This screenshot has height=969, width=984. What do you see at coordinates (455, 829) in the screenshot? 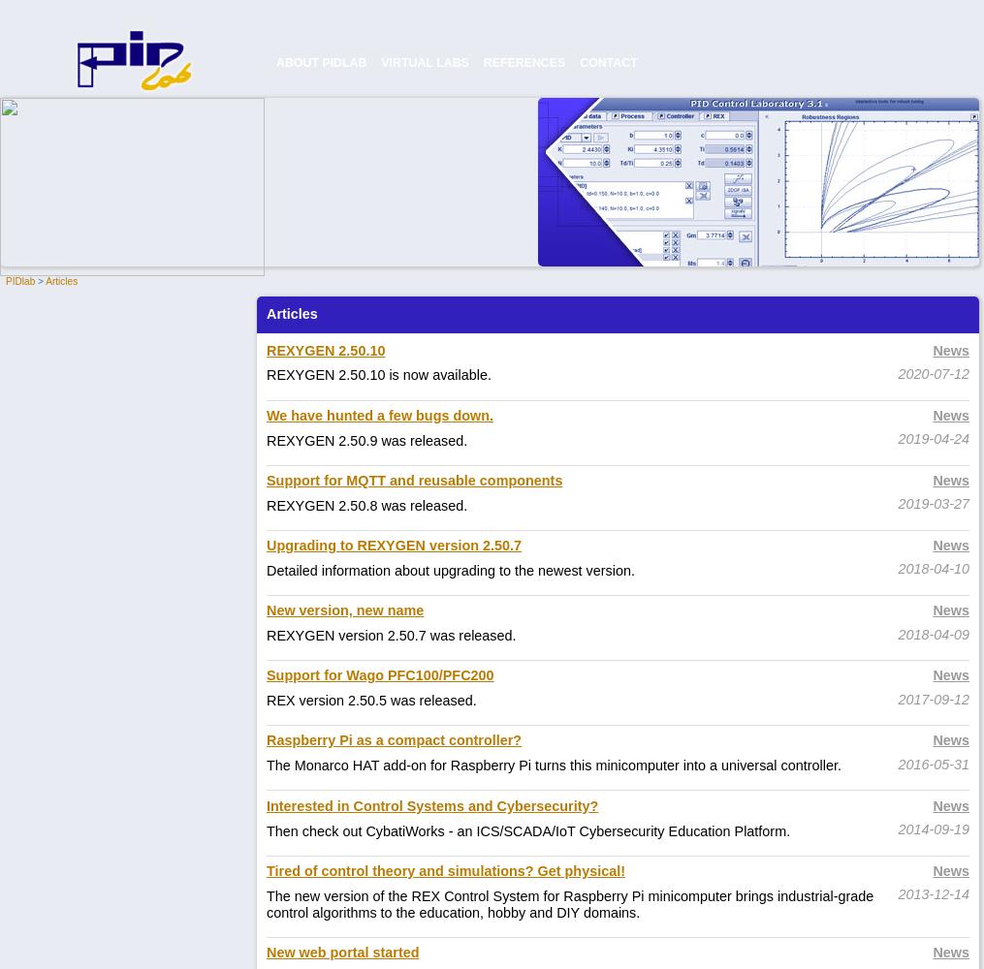
I see `'an ICS/SCADA/IoT Cybersecurity Education Platform.'` at bounding box center [455, 829].